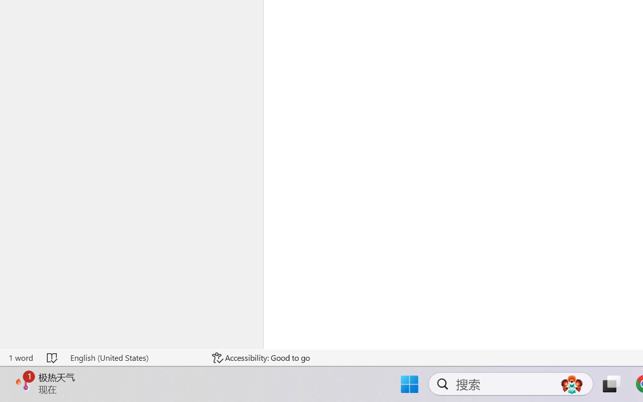  What do you see at coordinates (261, 357) in the screenshot?
I see `'Accessibility Checker Accessibility: Good to go'` at bounding box center [261, 357].